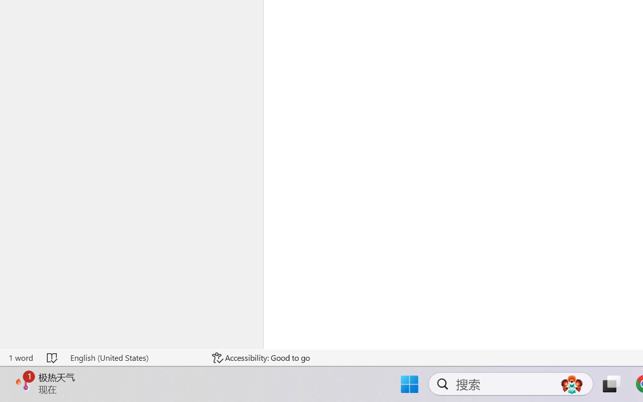  What do you see at coordinates (261, 357) in the screenshot?
I see `'Accessibility Checker Accessibility: Good to go'` at bounding box center [261, 357].